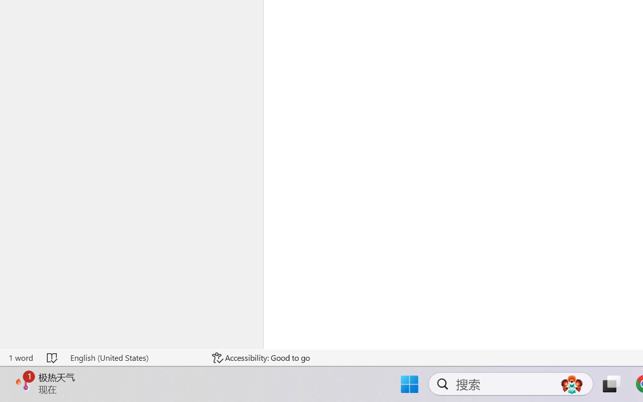  What do you see at coordinates (261, 357) in the screenshot?
I see `'Accessibility Checker Accessibility: Good to go'` at bounding box center [261, 357].